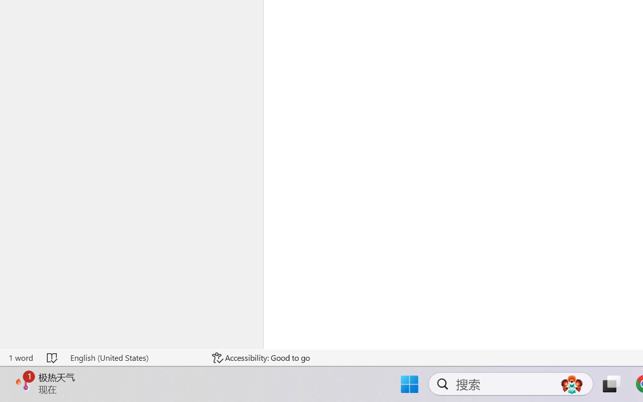  What do you see at coordinates (261, 357) in the screenshot?
I see `'Accessibility Checker Accessibility: Good to go'` at bounding box center [261, 357].